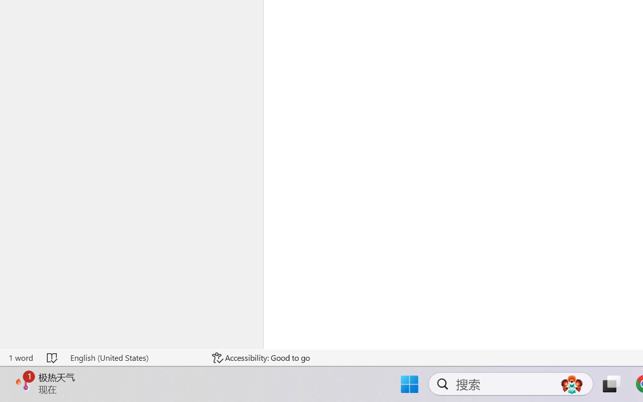  What do you see at coordinates (261, 357) in the screenshot?
I see `'Accessibility Checker Accessibility: Good to go'` at bounding box center [261, 357].